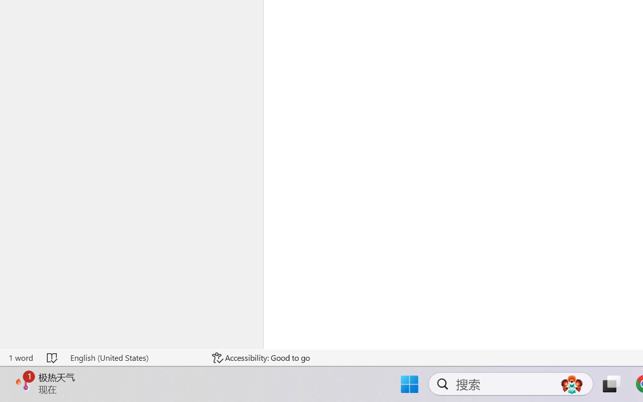  What do you see at coordinates (261, 357) in the screenshot?
I see `'Accessibility Checker Accessibility: Good to go'` at bounding box center [261, 357].